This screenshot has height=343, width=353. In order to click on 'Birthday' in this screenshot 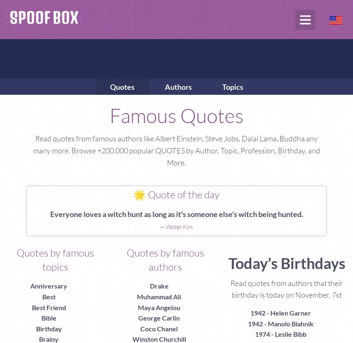, I will do `click(35, 328)`.